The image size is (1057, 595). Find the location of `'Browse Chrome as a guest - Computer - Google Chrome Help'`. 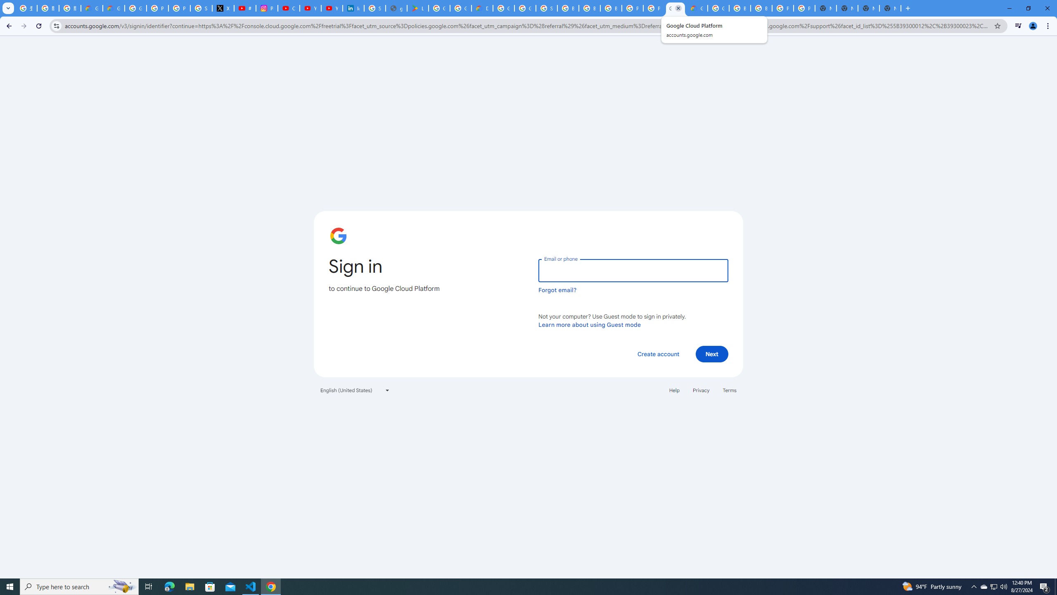

'Browse Chrome as a guest - Computer - Google Chrome Help' is located at coordinates (568, 8).